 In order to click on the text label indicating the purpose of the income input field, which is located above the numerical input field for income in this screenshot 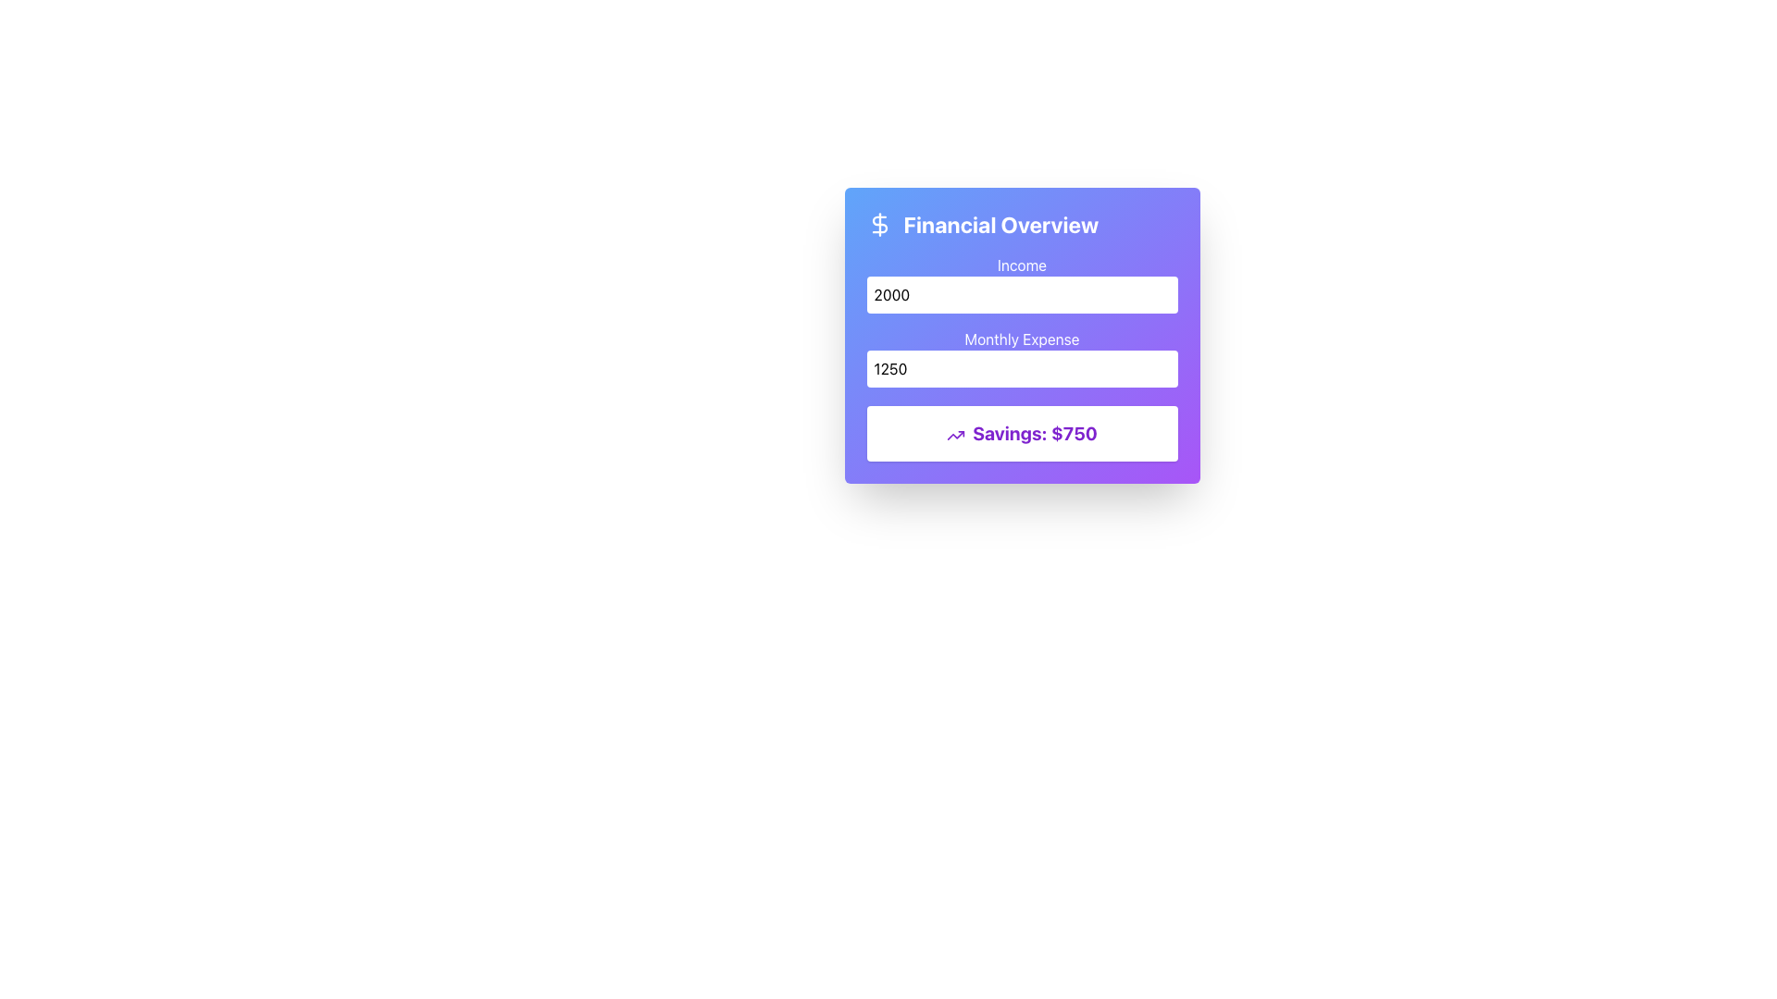, I will do `click(1021, 284)`.